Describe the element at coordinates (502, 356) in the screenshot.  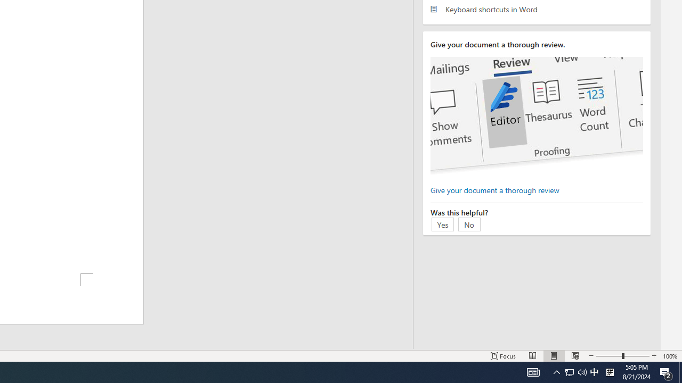
I see `'Focus '` at that location.